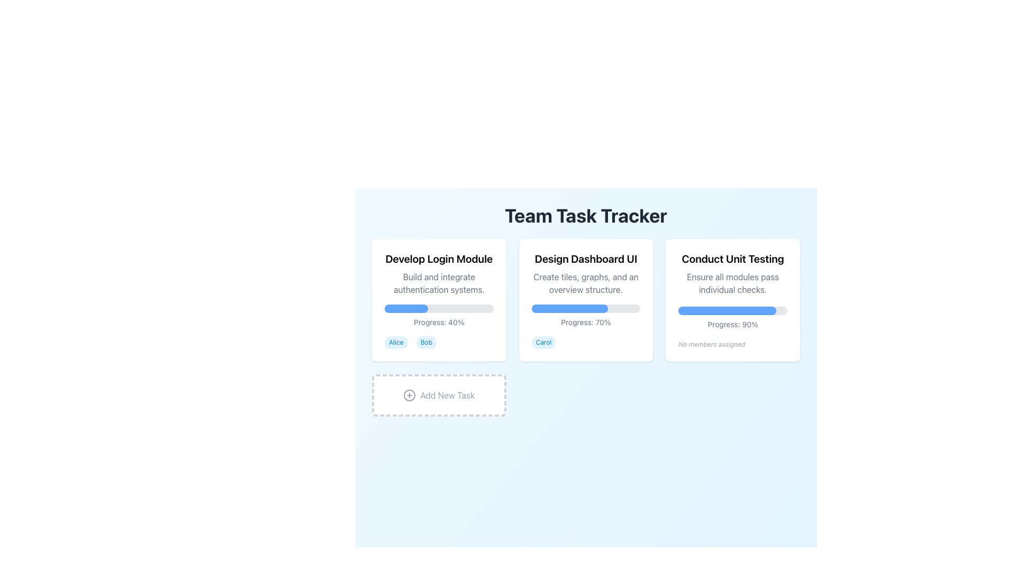 The width and height of the screenshot is (1016, 571). Describe the element at coordinates (439, 300) in the screenshot. I see `the task card titled 'Develop Login Module', which details the task's description, progress, and assigned members, located in the upper-left corner of the grid layout` at that location.